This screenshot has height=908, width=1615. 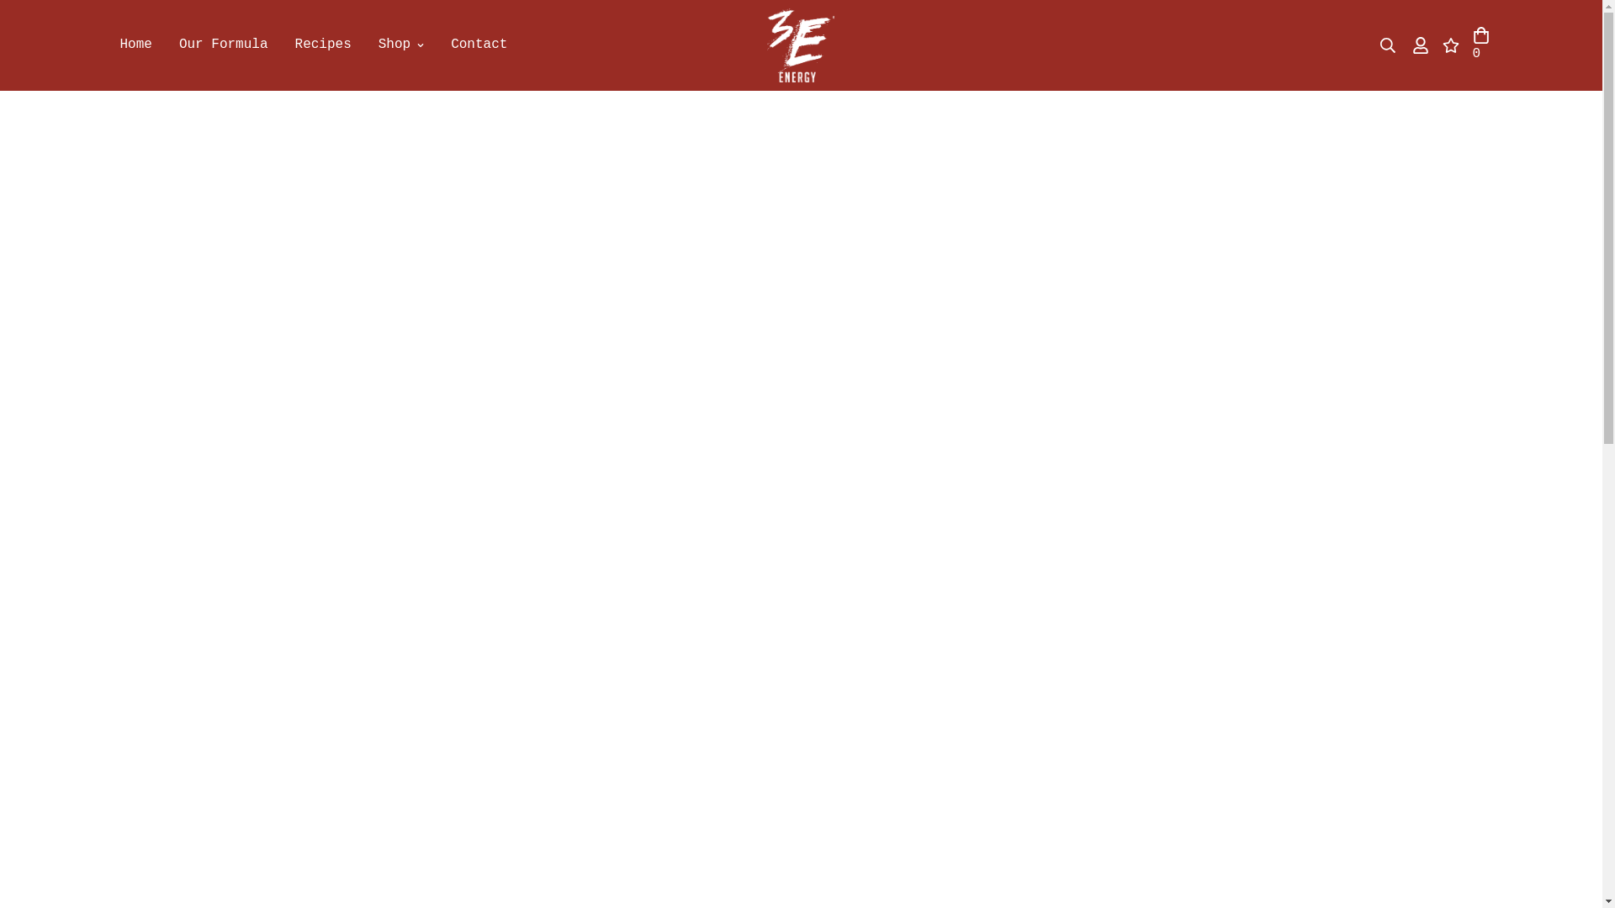 I want to click on 'Home', so click(x=135, y=44).